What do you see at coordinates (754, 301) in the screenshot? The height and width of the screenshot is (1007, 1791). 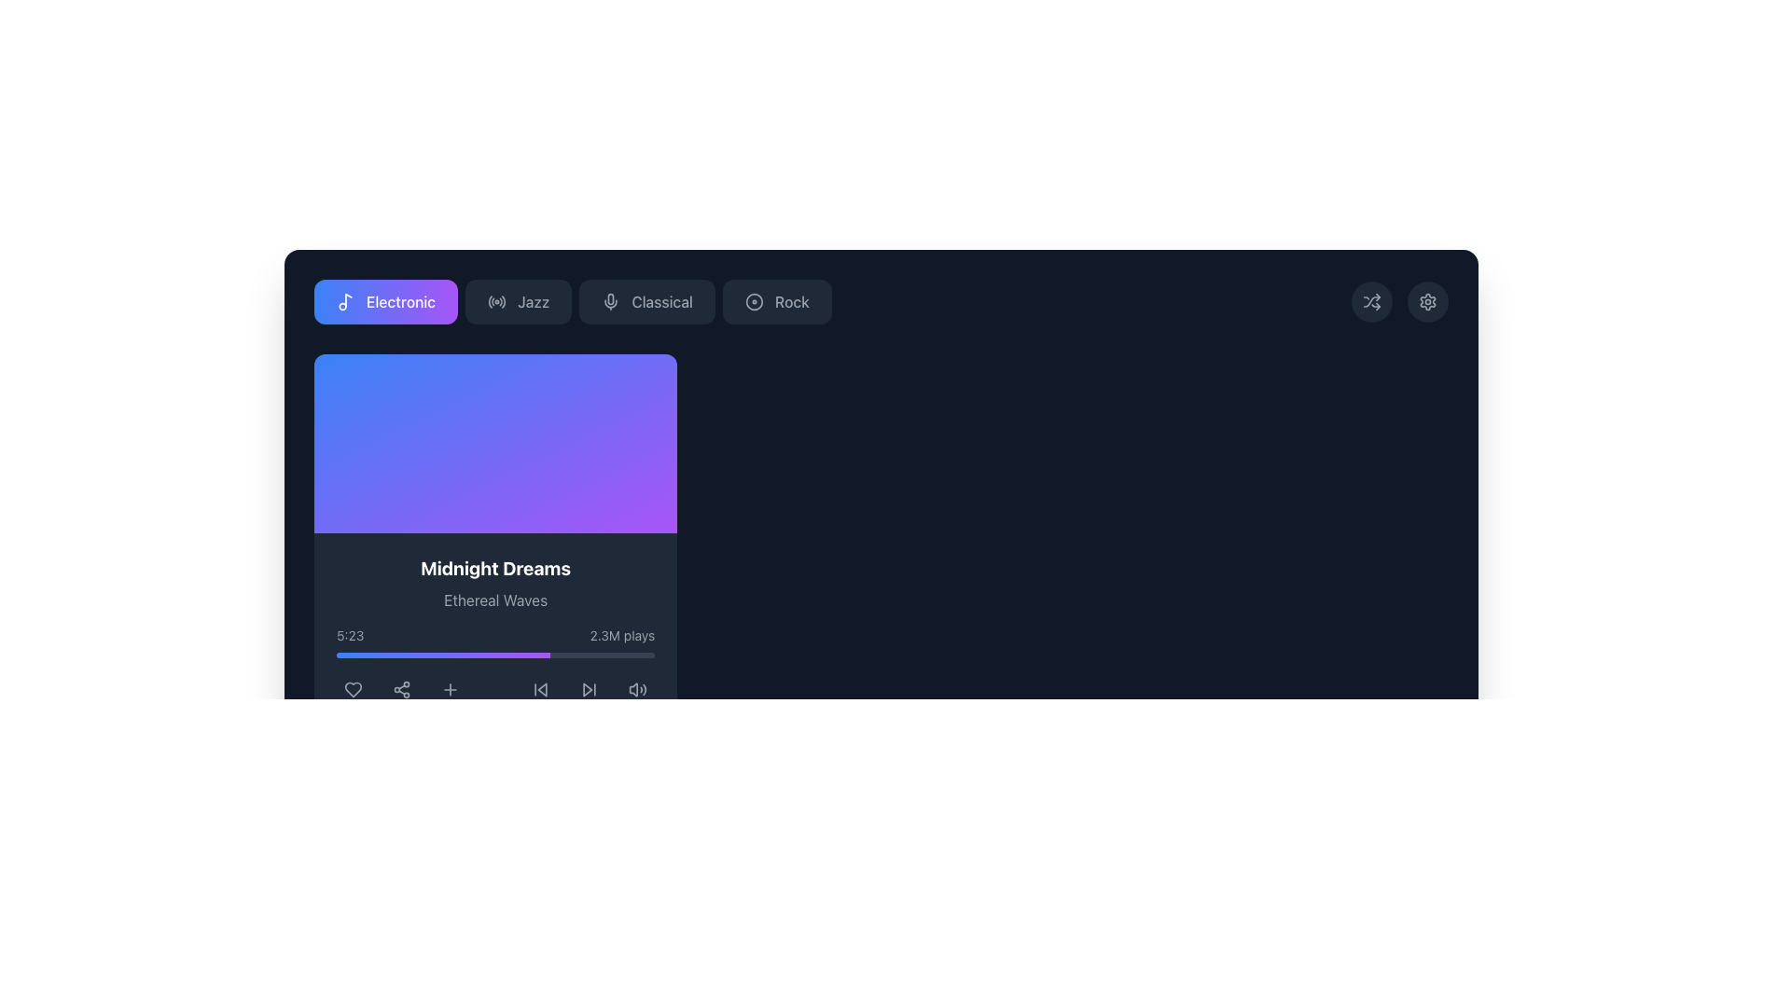 I see `the circular graphical icon associated with the 'Rock' button, which is the fourth button in a series at the top-center of the application` at bounding box center [754, 301].